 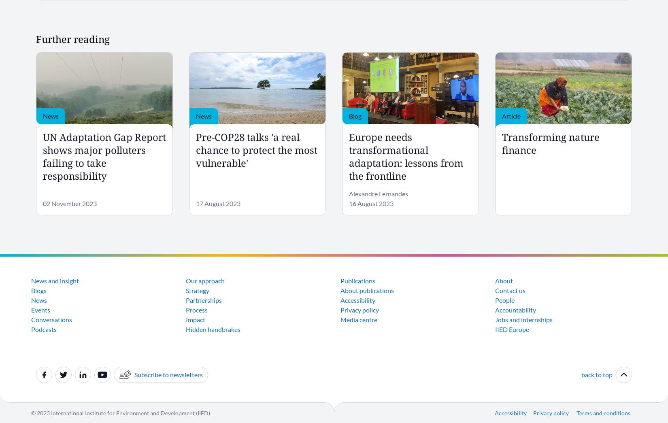 What do you see at coordinates (358, 280) in the screenshot?
I see `'Publications'` at bounding box center [358, 280].